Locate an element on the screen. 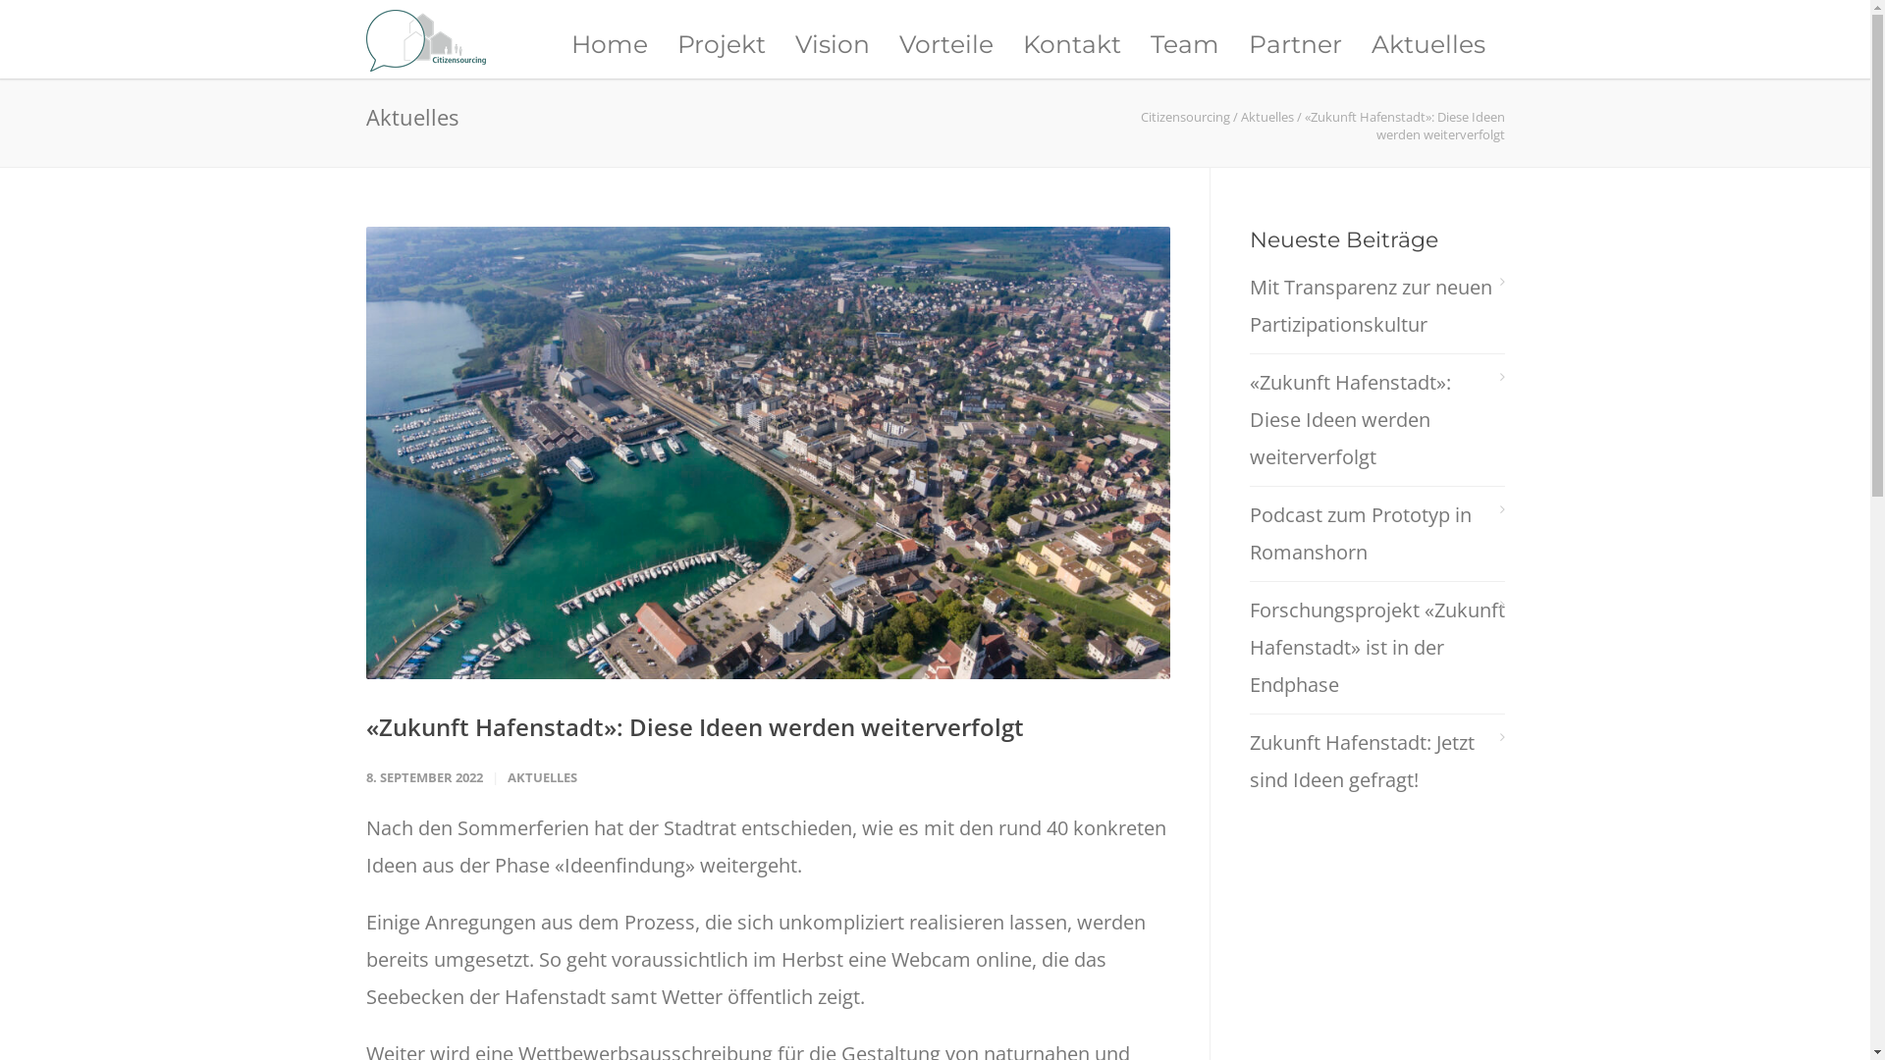 This screenshot has width=1885, height=1060. 'Mit Transparenz zur neuen Partizipationskultur' is located at coordinates (1374, 306).